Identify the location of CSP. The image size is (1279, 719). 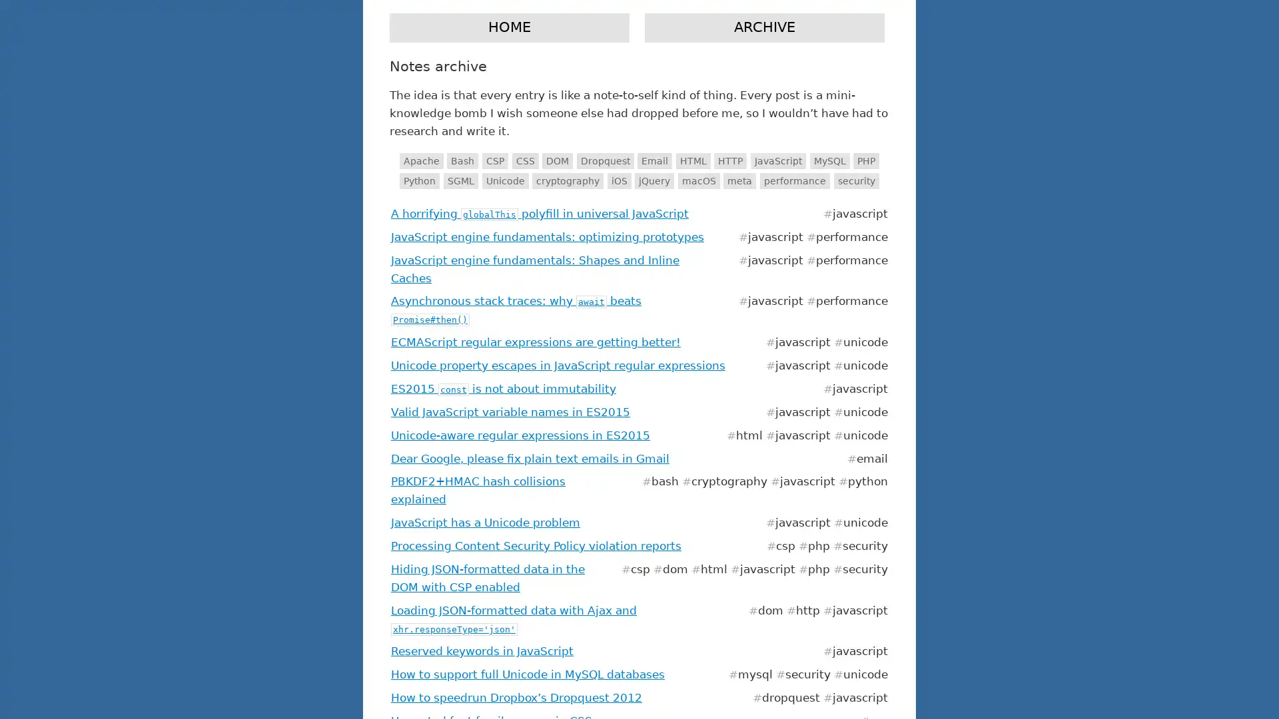
(494, 160).